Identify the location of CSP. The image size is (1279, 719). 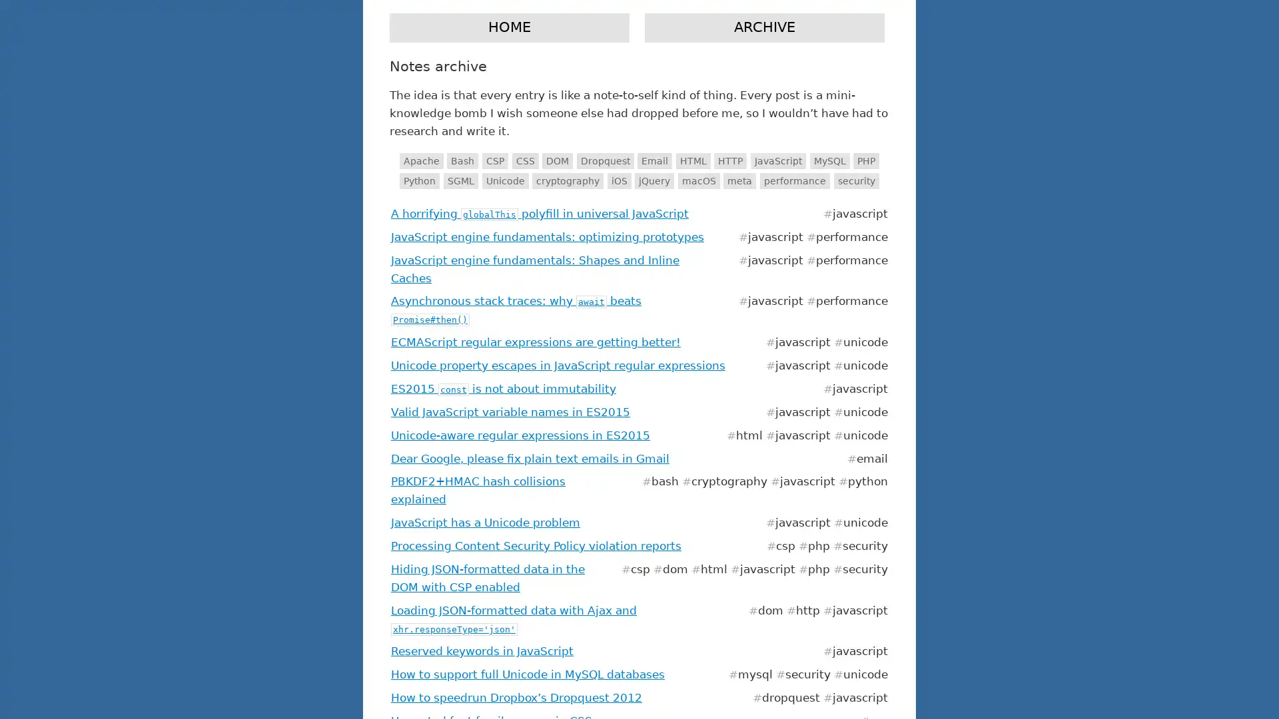
(494, 160).